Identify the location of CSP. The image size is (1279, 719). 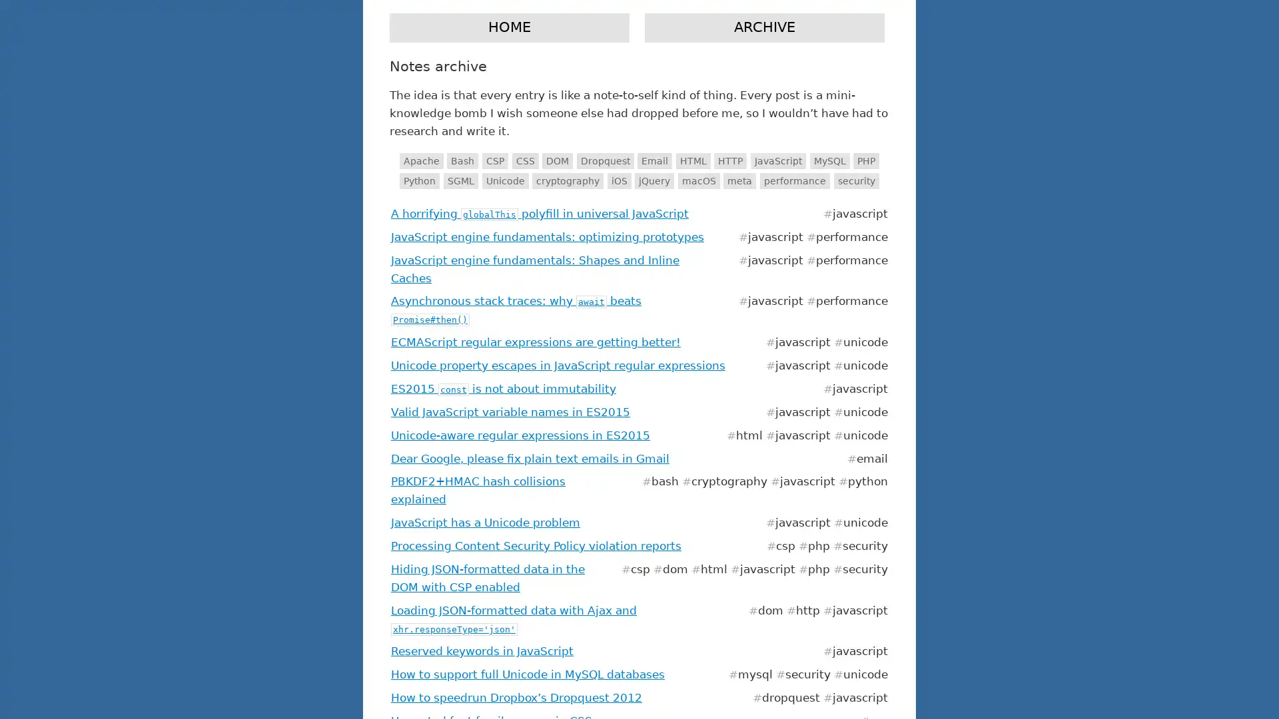
(494, 160).